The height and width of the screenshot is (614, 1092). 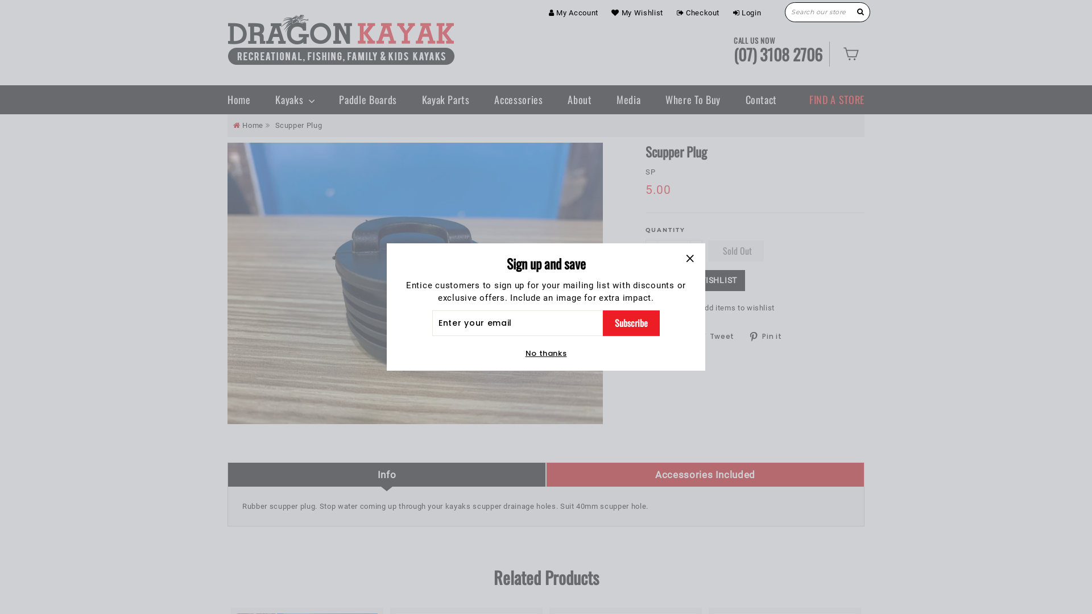 I want to click on 'My Wishlist, so click(x=636, y=13).